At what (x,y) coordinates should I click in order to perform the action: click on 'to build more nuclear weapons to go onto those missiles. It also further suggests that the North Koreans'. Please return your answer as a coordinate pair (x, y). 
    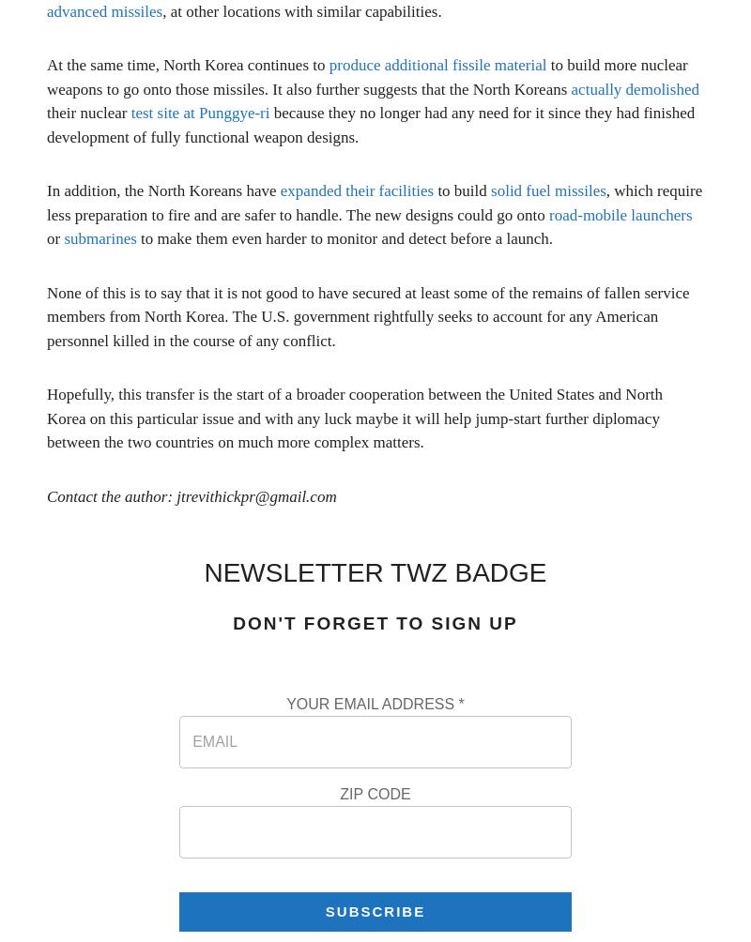
    Looking at the image, I should click on (46, 77).